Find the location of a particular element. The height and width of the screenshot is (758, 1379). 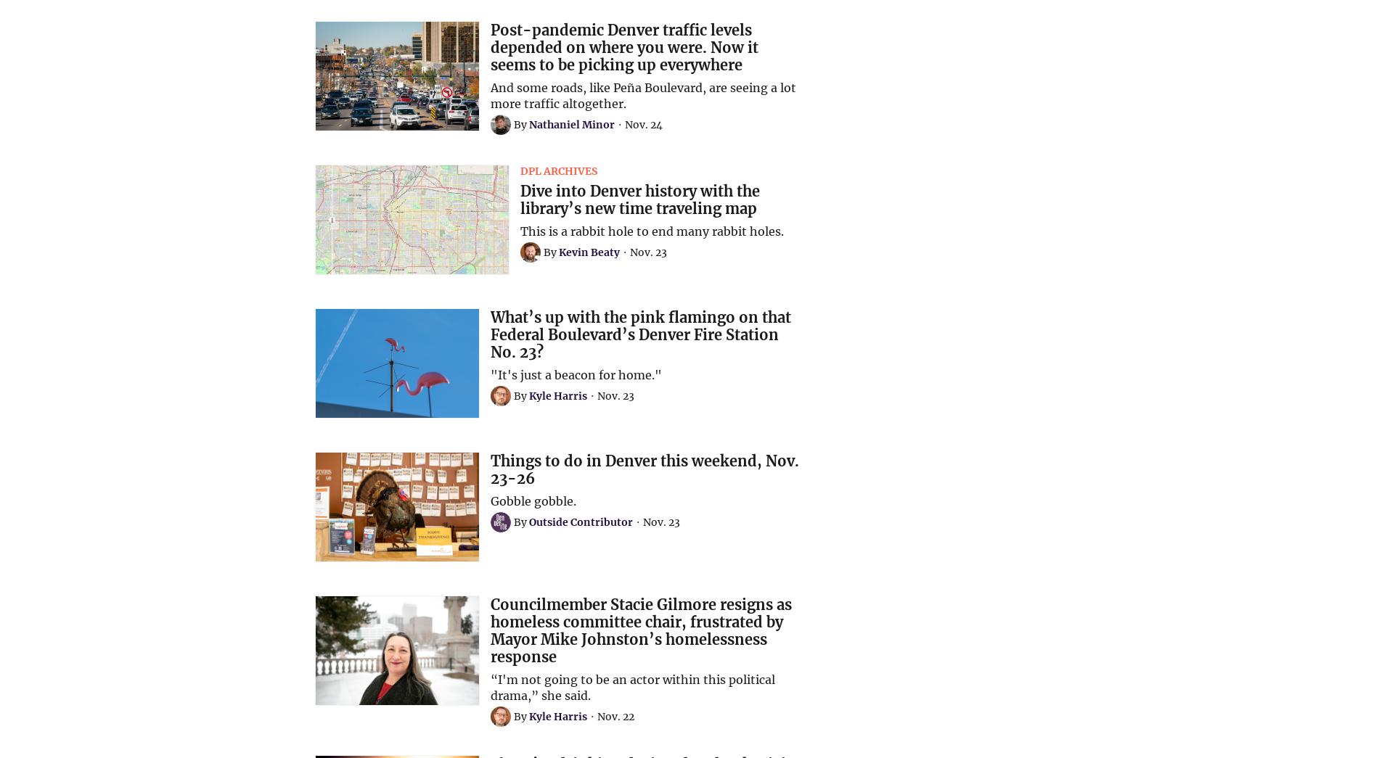

'Nov. 22' is located at coordinates (615, 717).